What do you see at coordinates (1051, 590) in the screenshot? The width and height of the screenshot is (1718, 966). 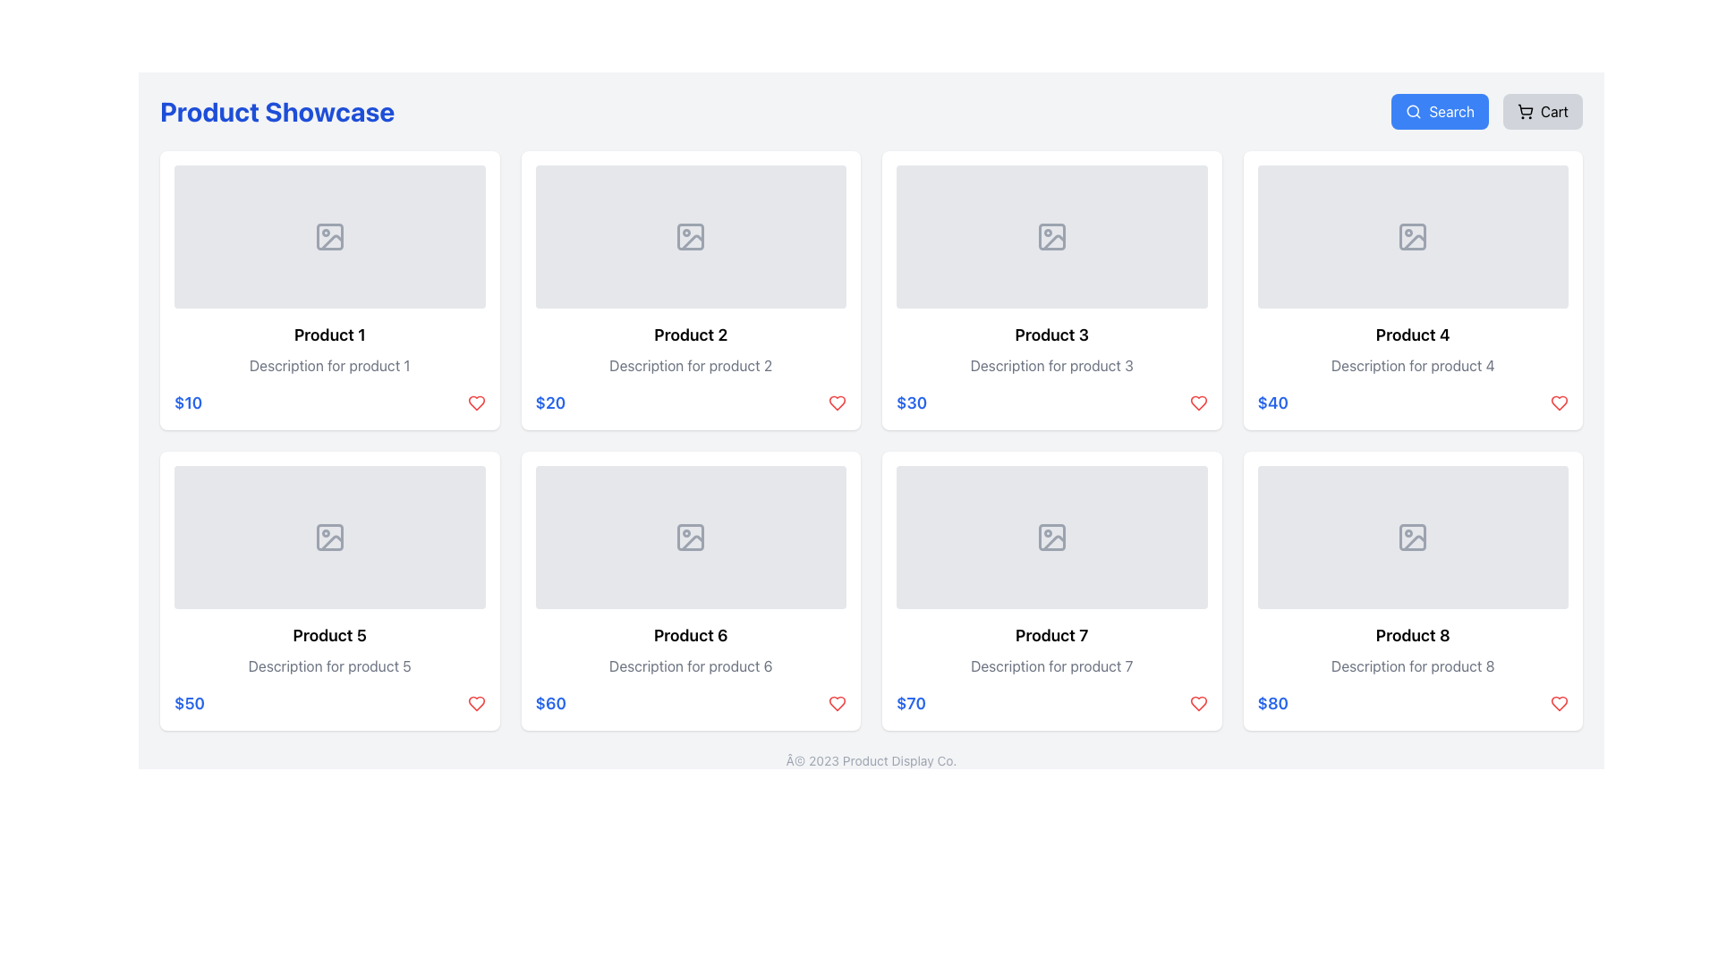 I see `the product detail card located` at bounding box center [1051, 590].